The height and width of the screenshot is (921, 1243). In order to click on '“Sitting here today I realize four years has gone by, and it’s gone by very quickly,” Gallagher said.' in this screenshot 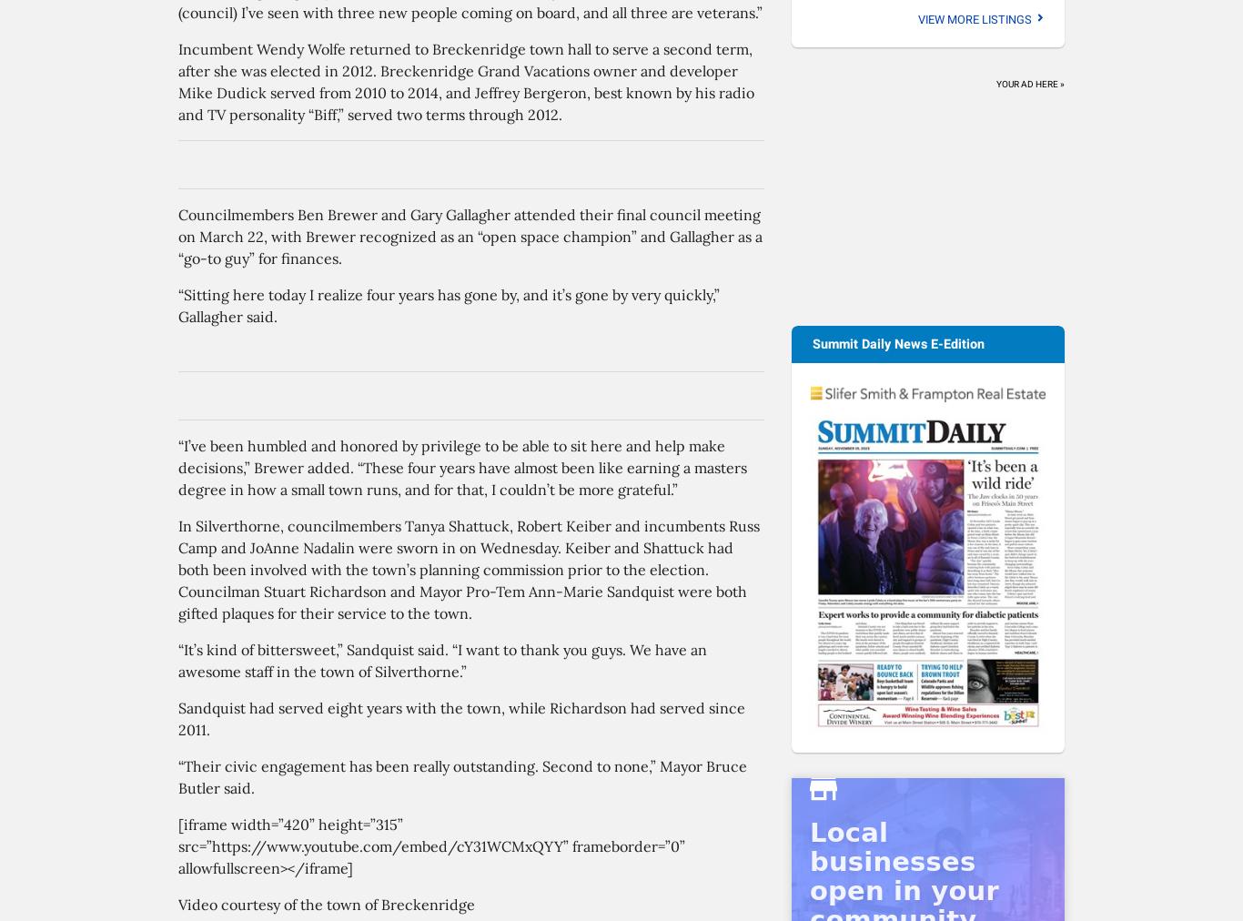, I will do `click(449, 304)`.